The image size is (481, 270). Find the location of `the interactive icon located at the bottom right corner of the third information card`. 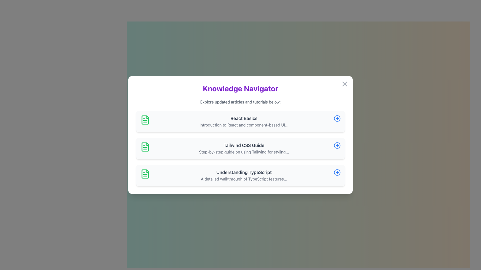

the interactive icon located at the bottom right corner of the third information card is located at coordinates (337, 172).